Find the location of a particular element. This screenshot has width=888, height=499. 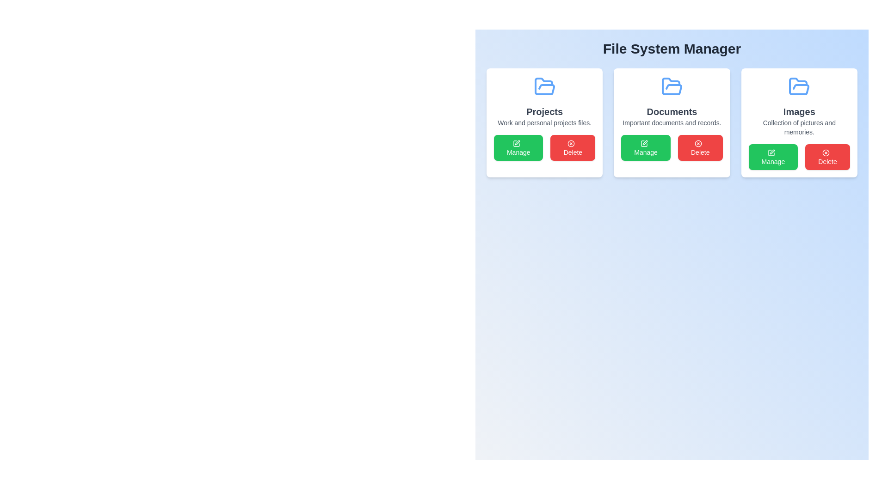

the grouped button component containing 'Manage' and 'Delete' buttons is located at coordinates (672, 147).